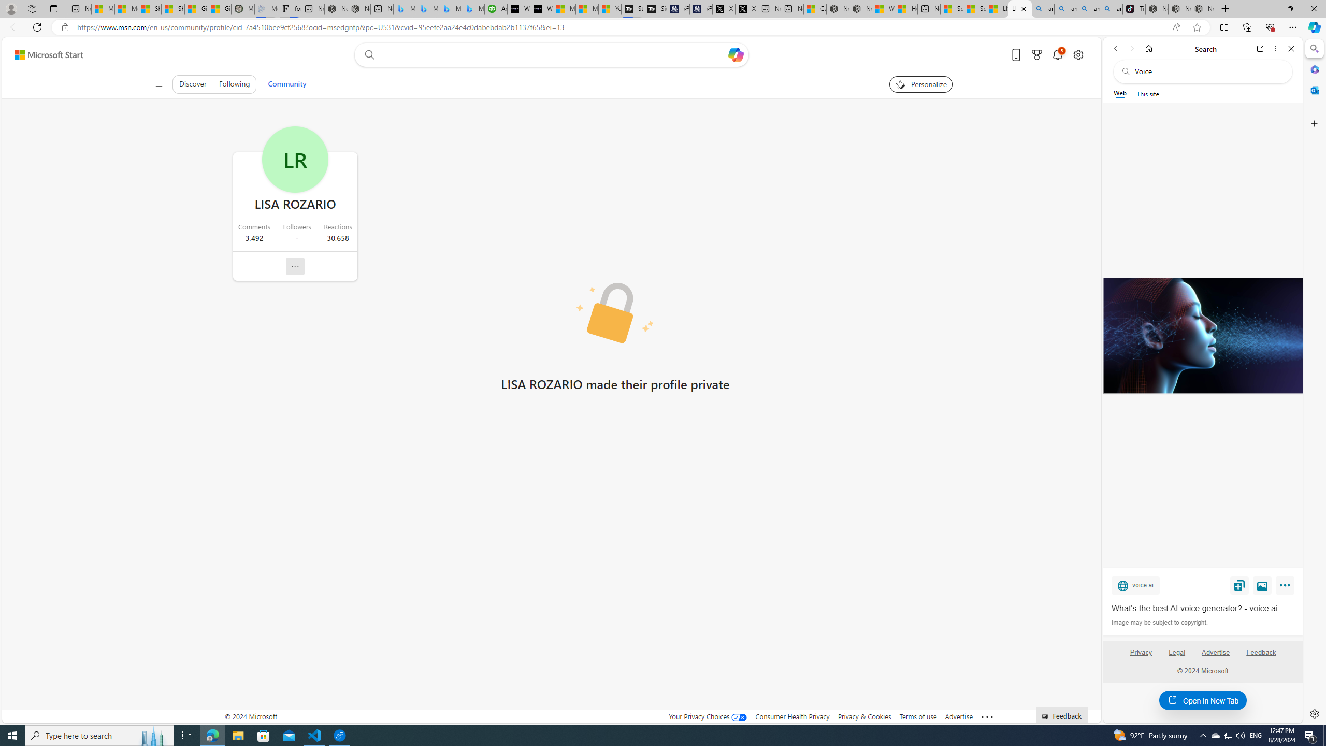  Describe the element at coordinates (1036, 55) in the screenshot. I see `'Microsoft rewards'` at that location.